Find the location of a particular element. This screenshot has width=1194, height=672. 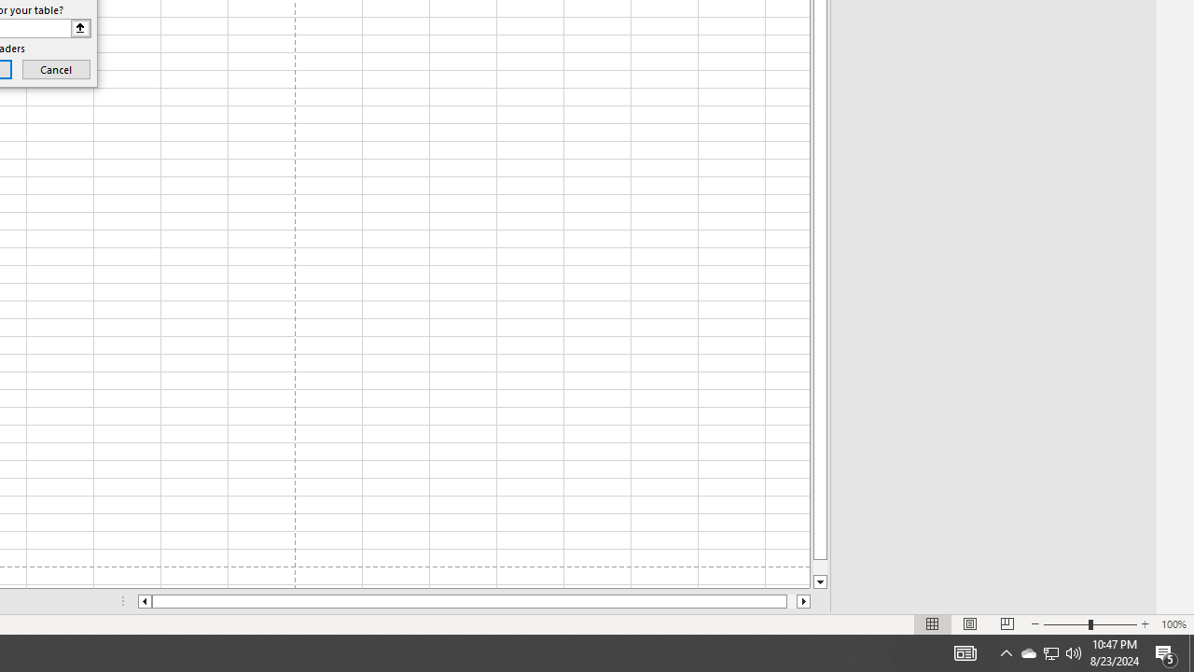

'Zoom' is located at coordinates (1090, 624).